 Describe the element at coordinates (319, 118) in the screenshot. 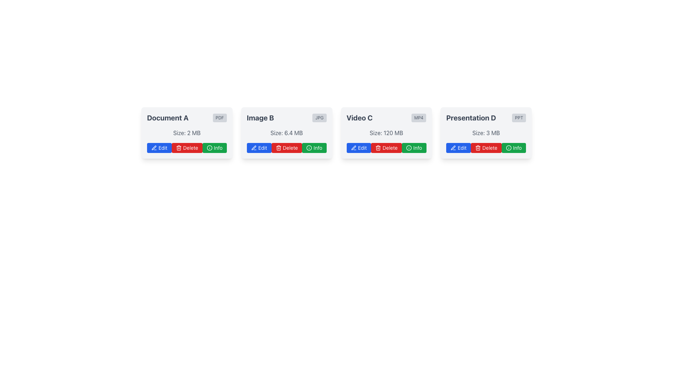

I see `the badge indicating JPG format for the file associated with 'Image B', located in the upper-right corner of the second card from the left` at that location.